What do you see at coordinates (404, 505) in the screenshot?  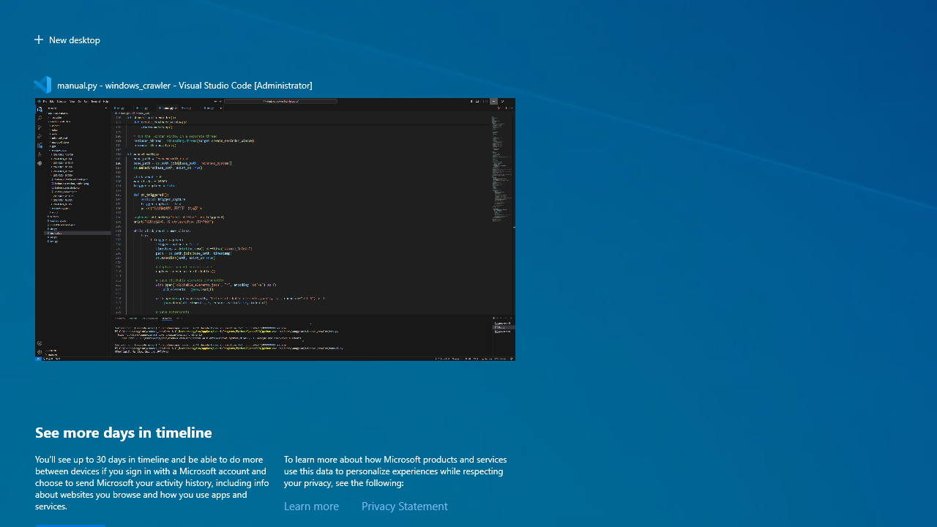 I see `'Privacy Statement'` at bounding box center [404, 505].